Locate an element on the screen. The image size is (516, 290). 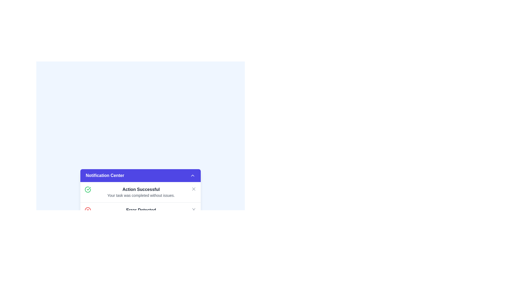
the 'Action Successful' informational text within the notification component in the Notification Center, which indicates a successful task completion is located at coordinates (141, 192).